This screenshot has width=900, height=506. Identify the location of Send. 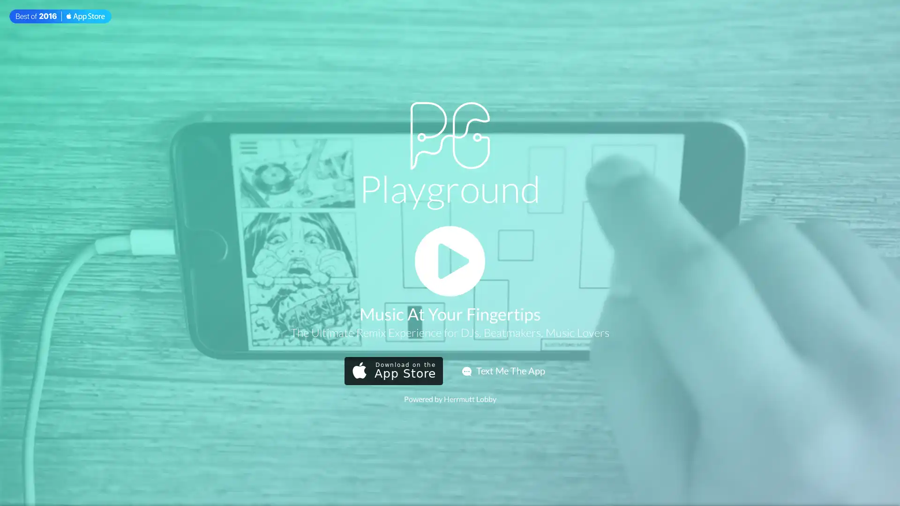
(470, 389).